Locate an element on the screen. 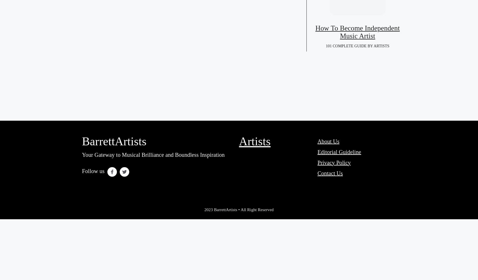 This screenshot has height=280, width=478. 'Follow us' is located at coordinates (82, 171).